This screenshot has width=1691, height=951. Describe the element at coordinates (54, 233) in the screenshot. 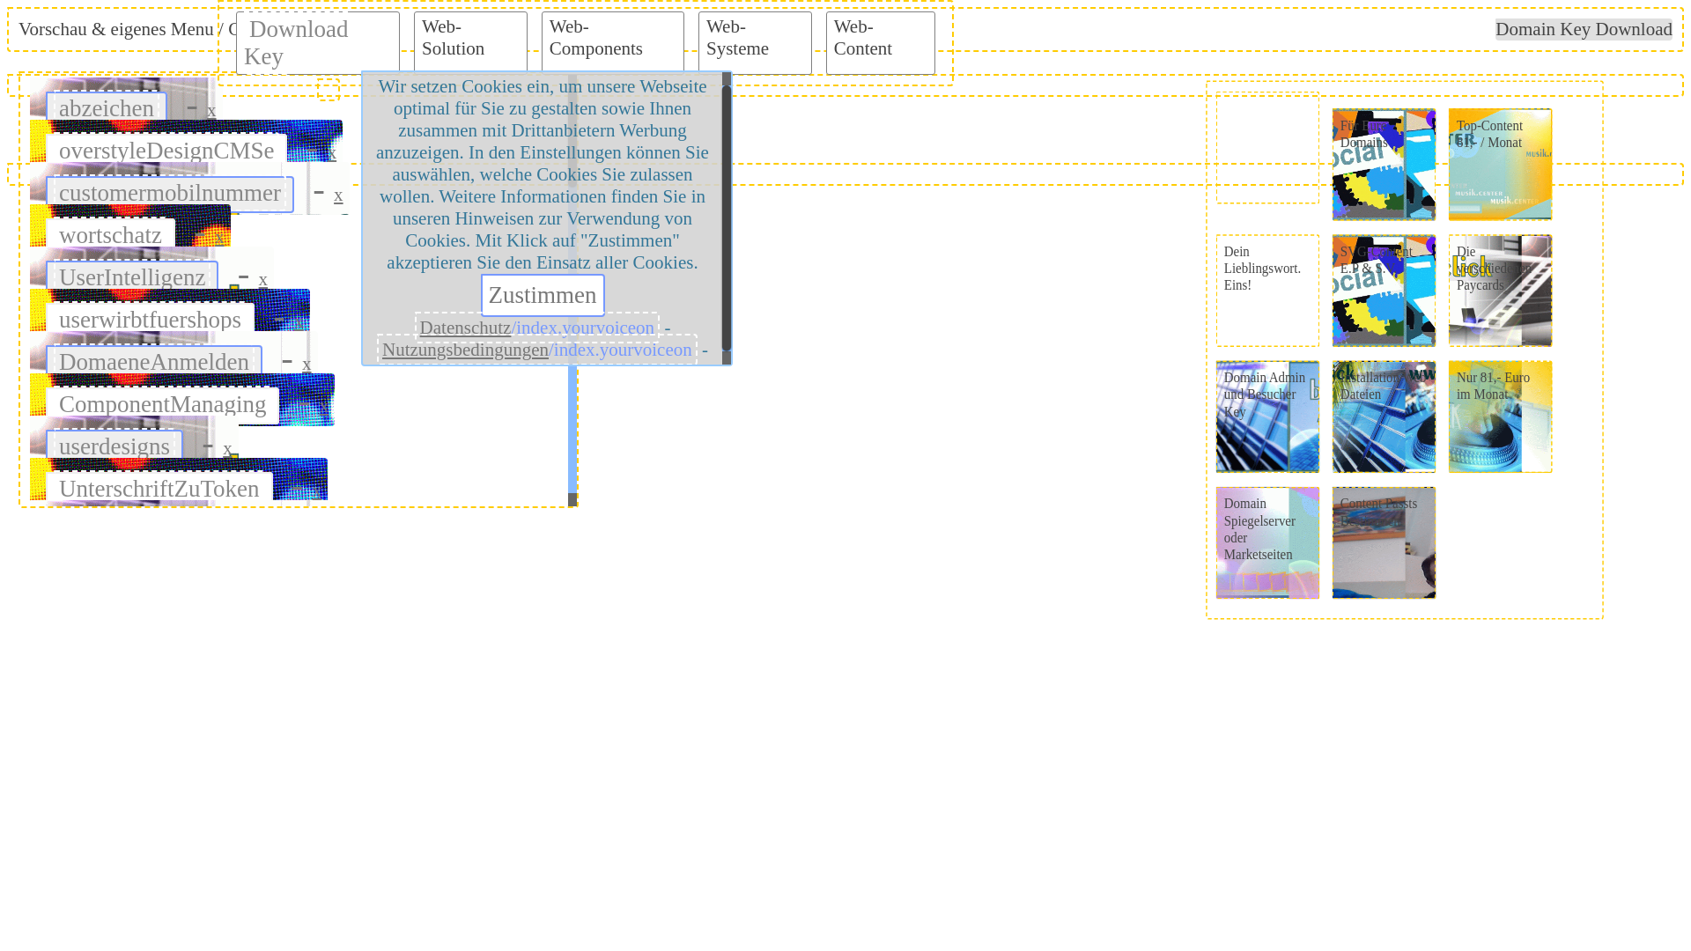

I see `'wortschatz'` at that location.